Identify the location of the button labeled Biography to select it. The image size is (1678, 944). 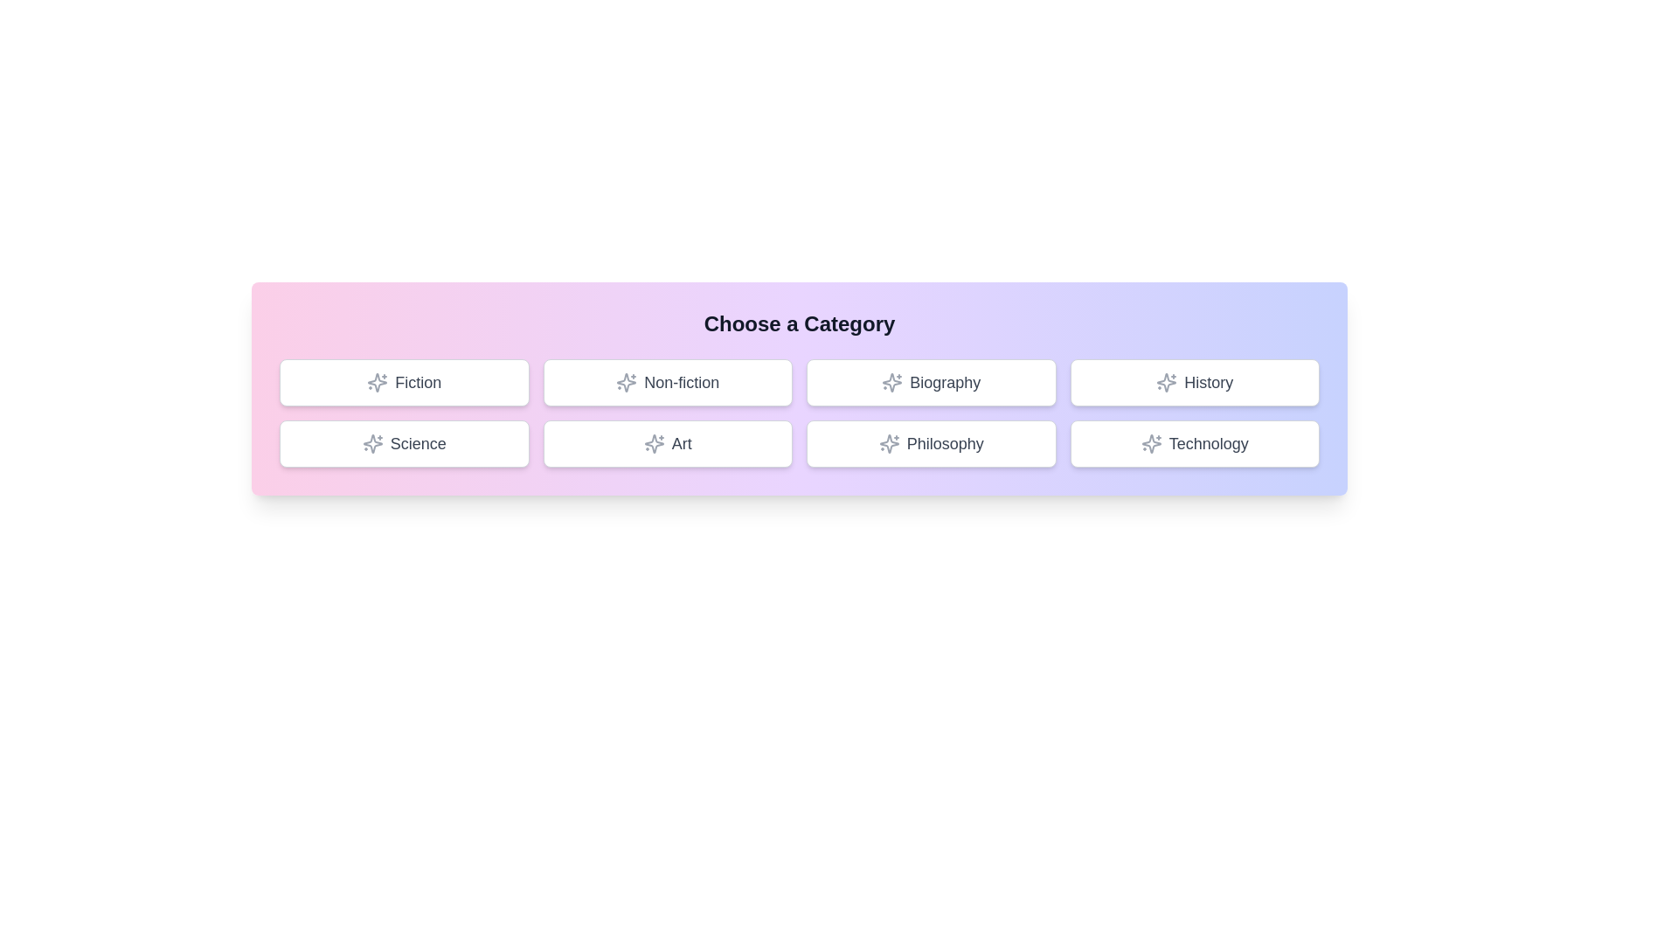
(930, 382).